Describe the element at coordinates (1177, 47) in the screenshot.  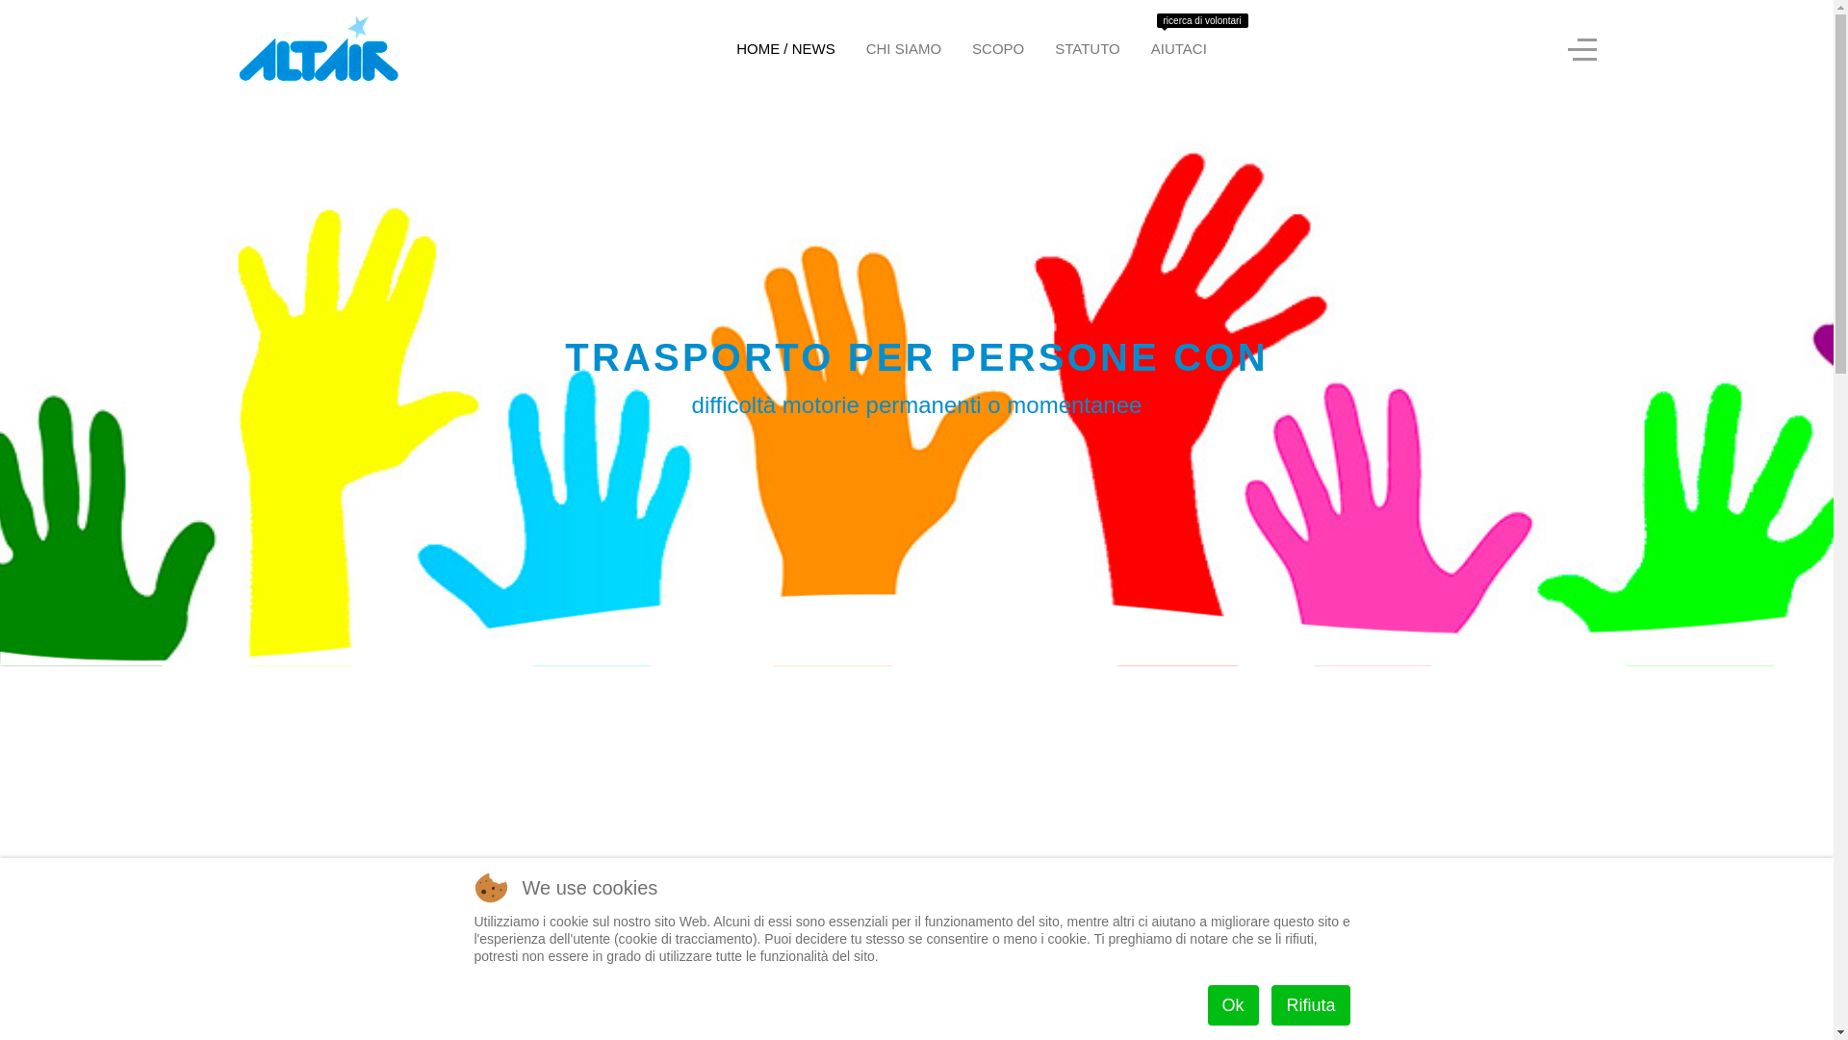
I see `'AIUTACI` at that location.